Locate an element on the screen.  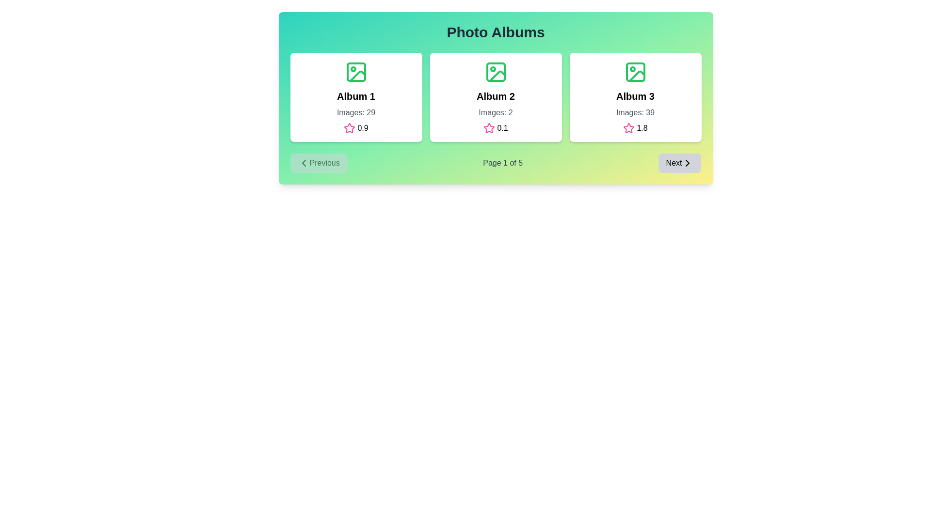
the text label displaying 'Images: 29' located below the title 'Album 1' in the leftmost card of the album section is located at coordinates (355, 112).